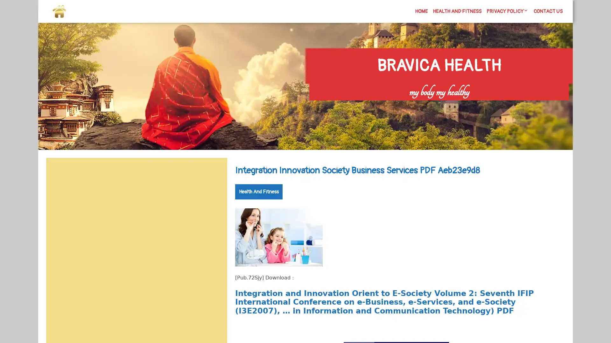 Image resolution: width=611 pixels, height=343 pixels. What do you see at coordinates (212, 173) in the screenshot?
I see `Search` at bounding box center [212, 173].